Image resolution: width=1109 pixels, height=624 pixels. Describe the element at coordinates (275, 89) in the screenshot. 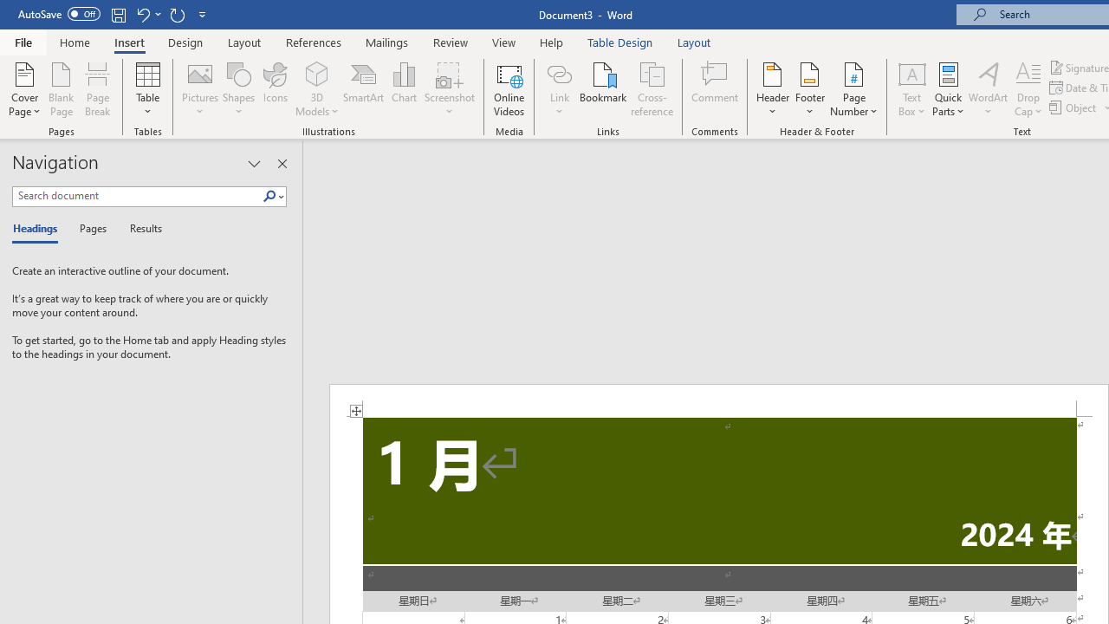

I see `'Icons'` at that location.